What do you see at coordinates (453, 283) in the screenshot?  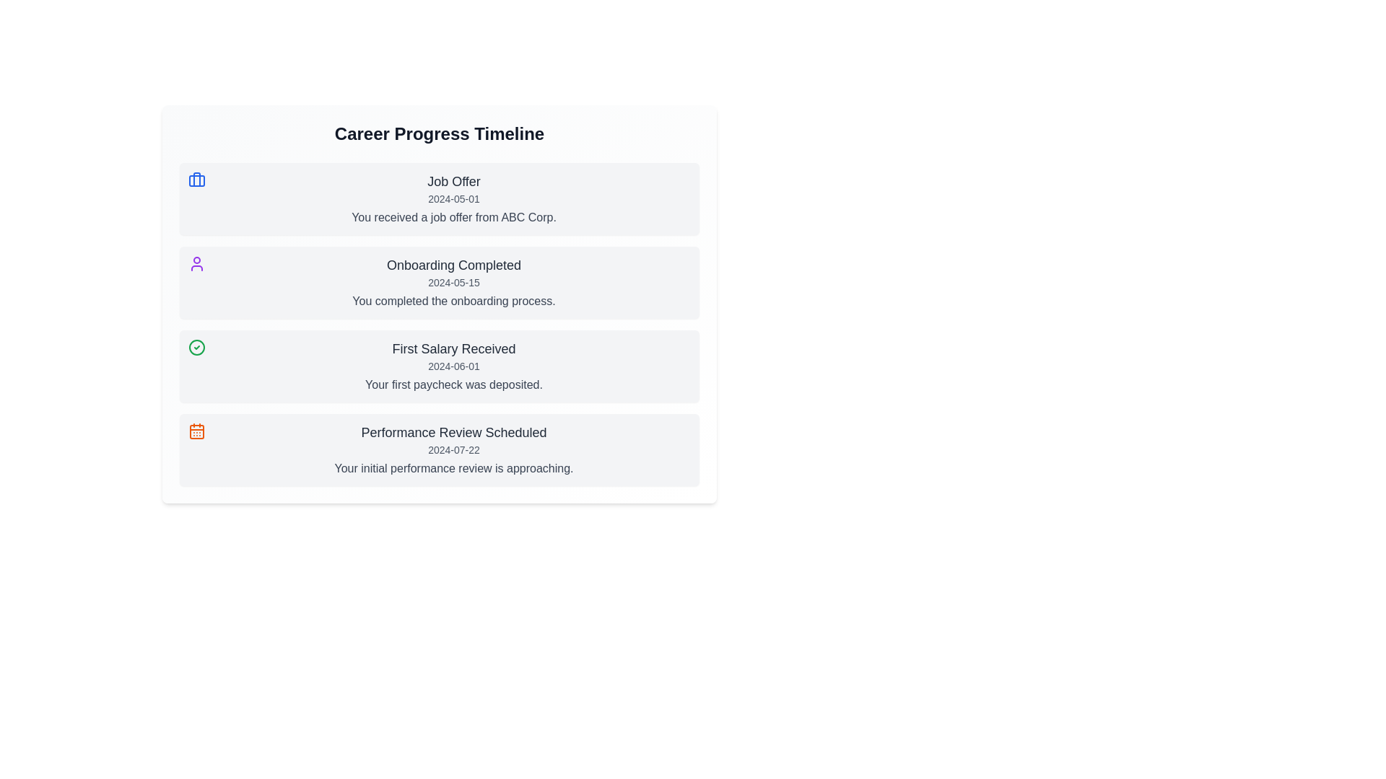 I see `displayed information from the Informational card located in the second position of the 'Career Progress Timeline' section, which is directly below 'Job Offer' and above 'First Salary Received.'` at bounding box center [453, 283].